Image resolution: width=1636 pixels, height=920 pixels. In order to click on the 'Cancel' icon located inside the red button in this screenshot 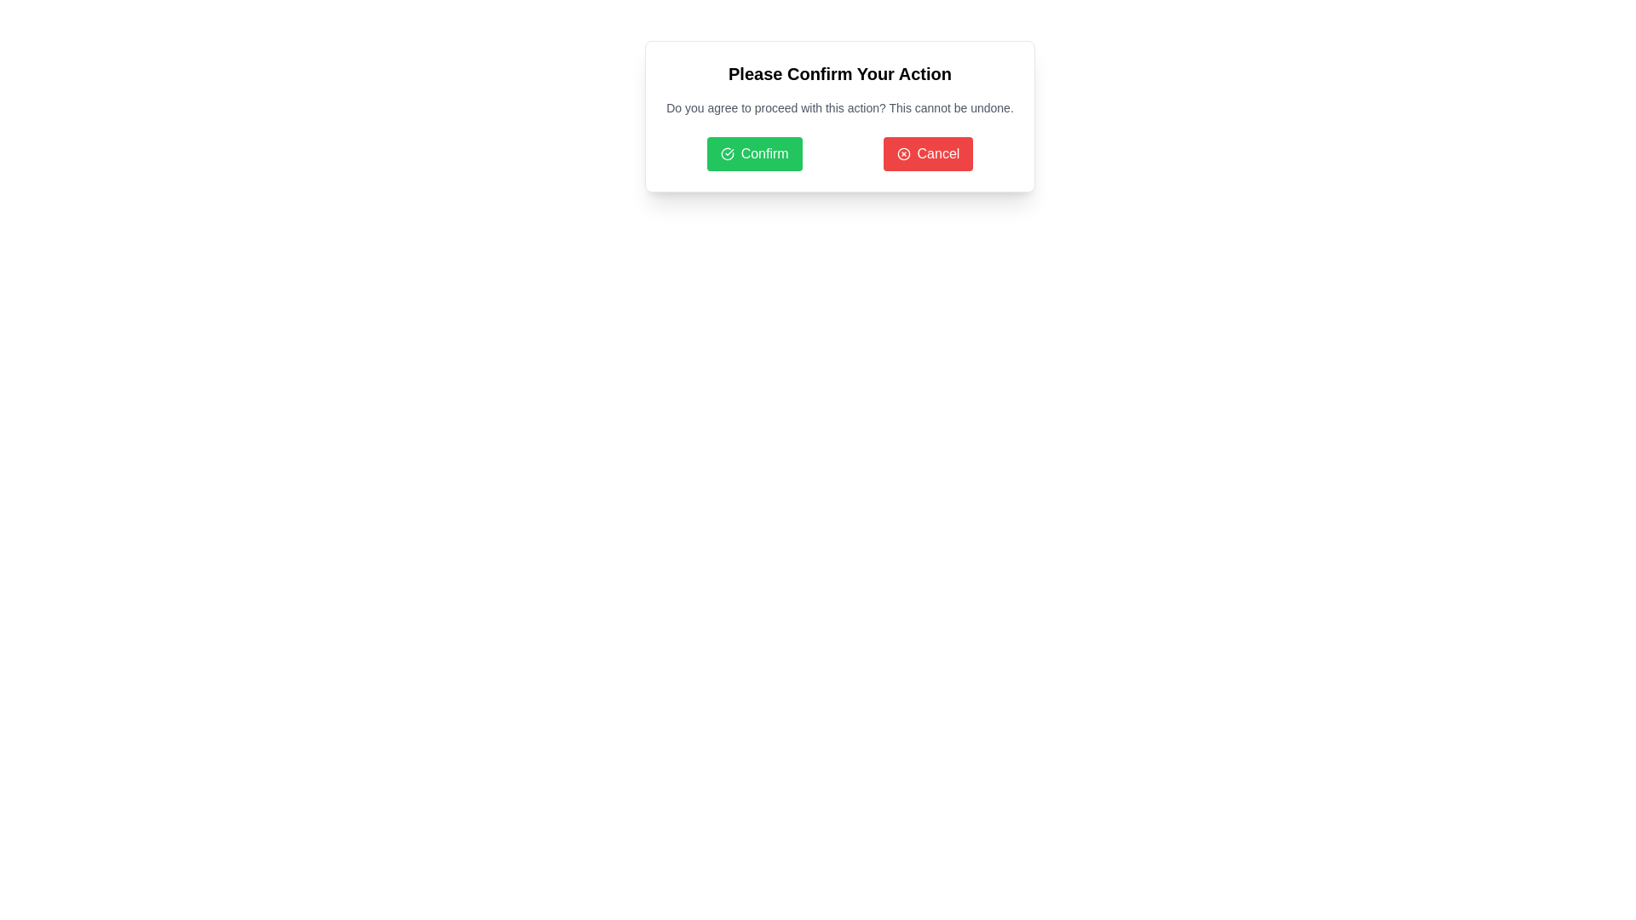, I will do `click(902, 154)`.